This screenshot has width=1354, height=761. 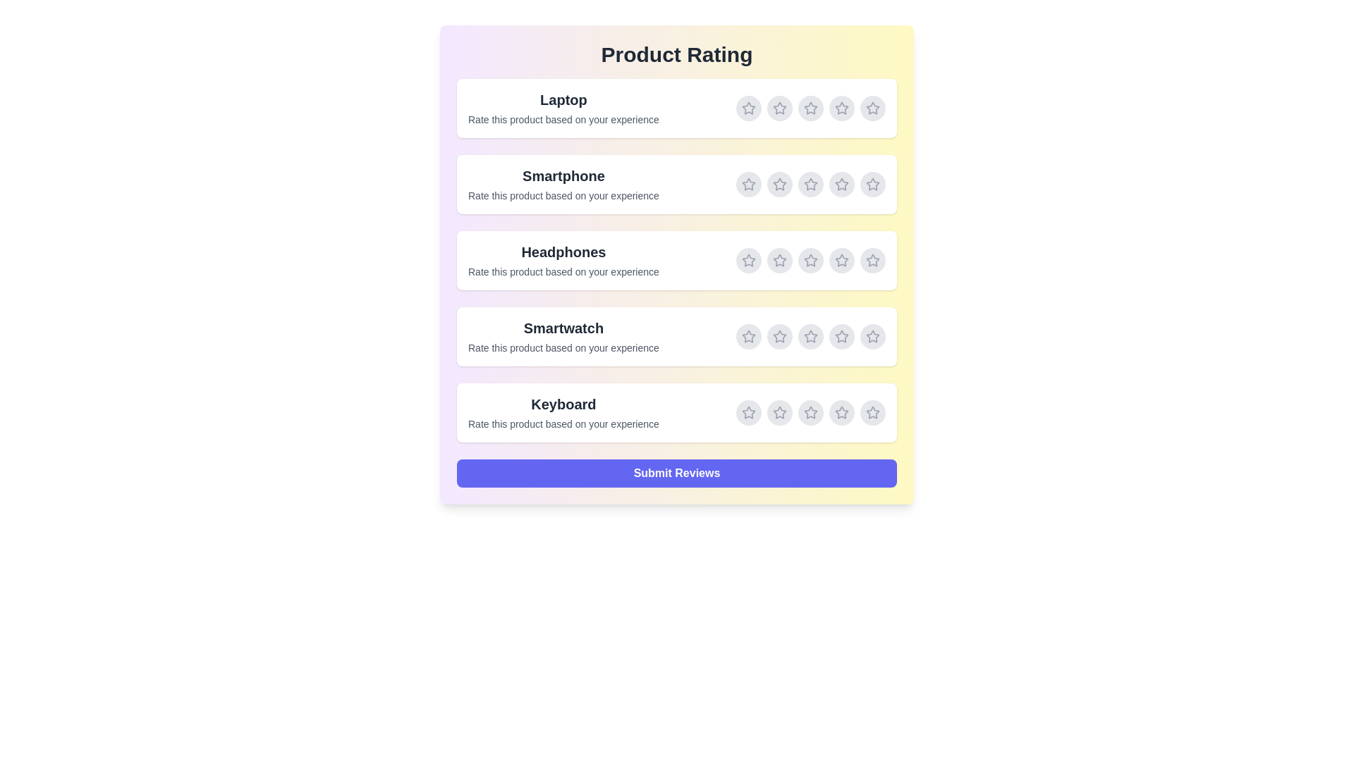 What do you see at coordinates (779, 261) in the screenshot?
I see `the rating for Headphones to 2 stars` at bounding box center [779, 261].